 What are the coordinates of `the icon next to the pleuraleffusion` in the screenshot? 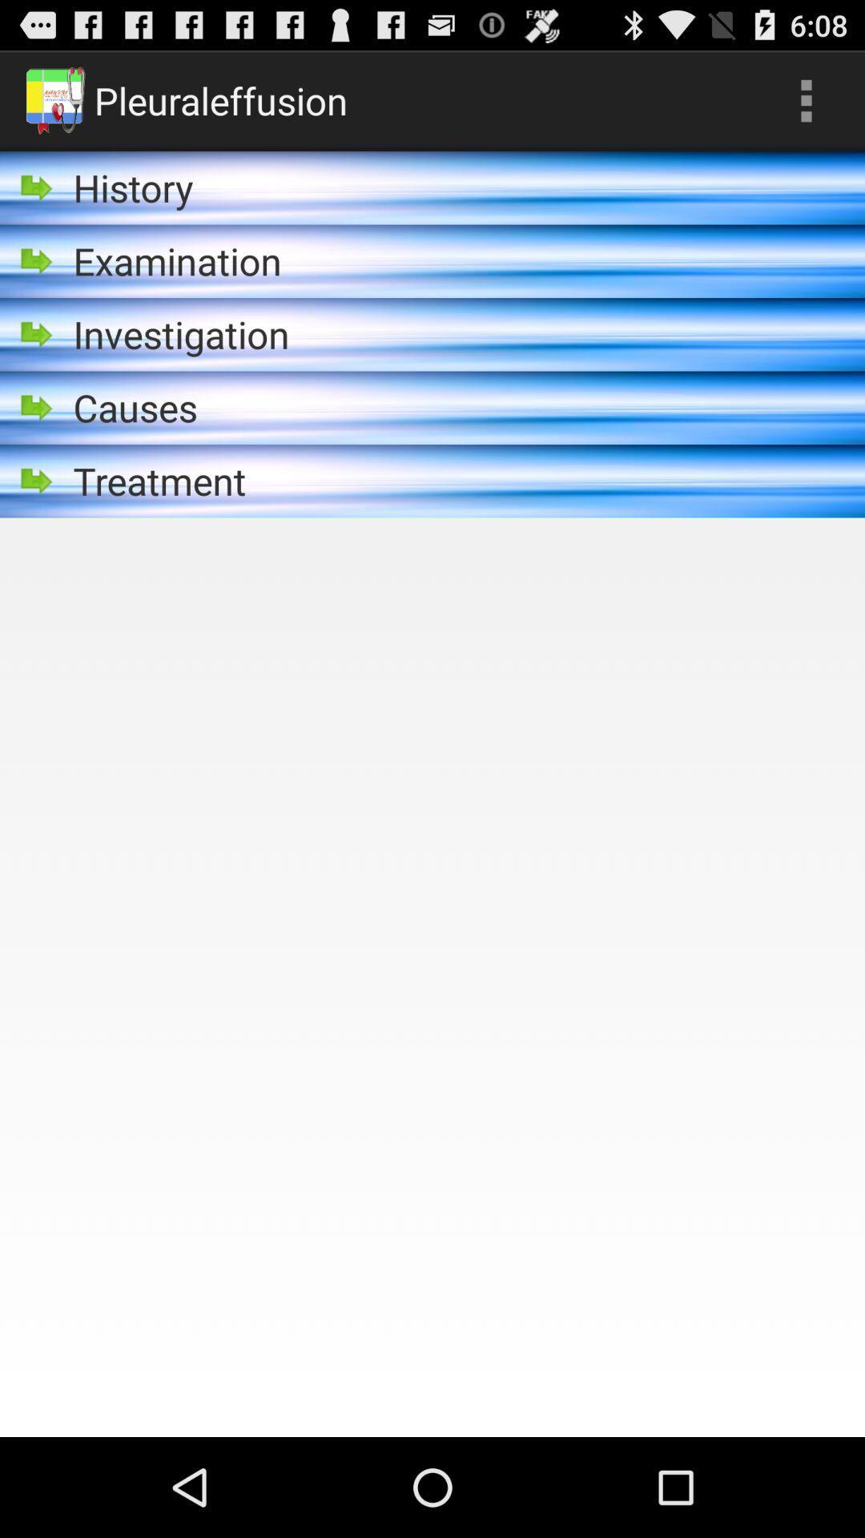 It's located at (806, 99).